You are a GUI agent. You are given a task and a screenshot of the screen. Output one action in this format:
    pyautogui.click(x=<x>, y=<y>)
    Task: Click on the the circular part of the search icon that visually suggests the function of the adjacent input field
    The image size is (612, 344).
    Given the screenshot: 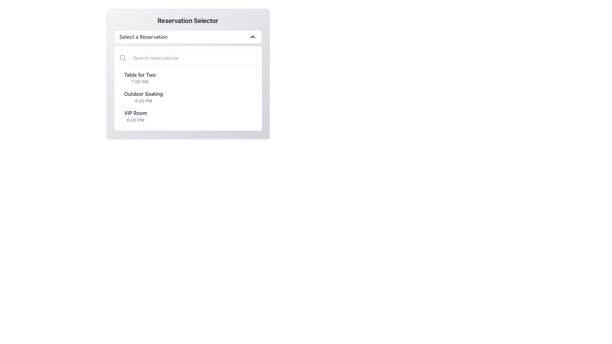 What is the action you would take?
    pyautogui.click(x=122, y=58)
    